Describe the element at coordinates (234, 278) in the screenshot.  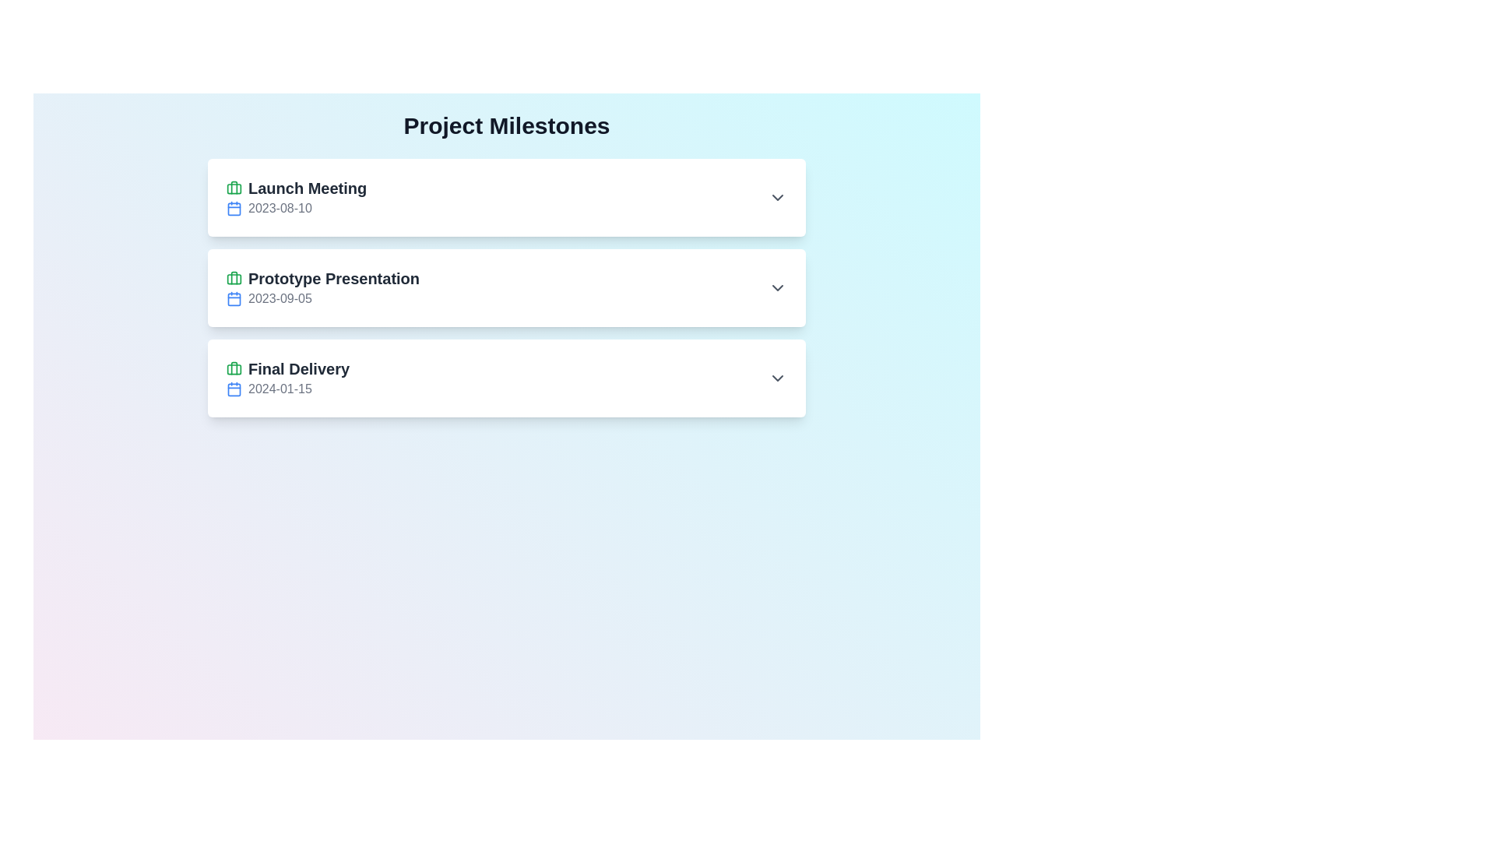
I see `the rectangular icon component with rounded corners, styled with a green stroke, located near the text 'Prototype Presentation' and above the date '2023-09-05'` at that location.